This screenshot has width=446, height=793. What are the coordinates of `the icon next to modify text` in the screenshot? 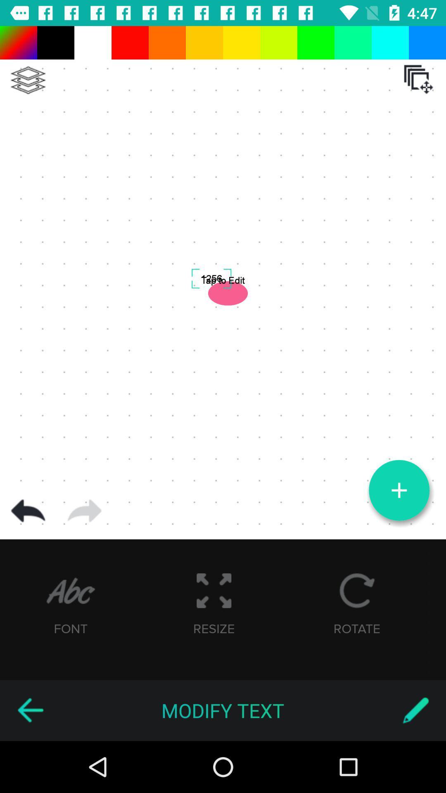 It's located at (415, 710).